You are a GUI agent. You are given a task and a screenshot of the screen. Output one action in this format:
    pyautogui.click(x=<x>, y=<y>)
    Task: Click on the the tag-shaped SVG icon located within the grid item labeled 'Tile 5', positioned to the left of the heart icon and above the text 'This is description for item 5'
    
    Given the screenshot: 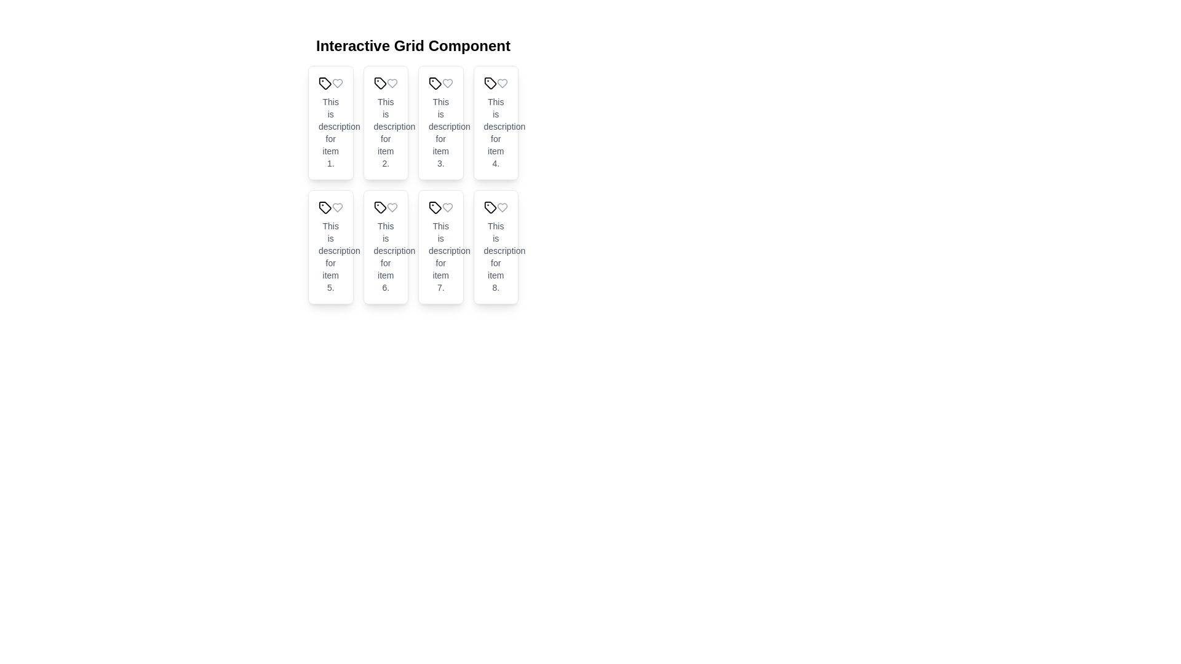 What is the action you would take?
    pyautogui.click(x=325, y=207)
    